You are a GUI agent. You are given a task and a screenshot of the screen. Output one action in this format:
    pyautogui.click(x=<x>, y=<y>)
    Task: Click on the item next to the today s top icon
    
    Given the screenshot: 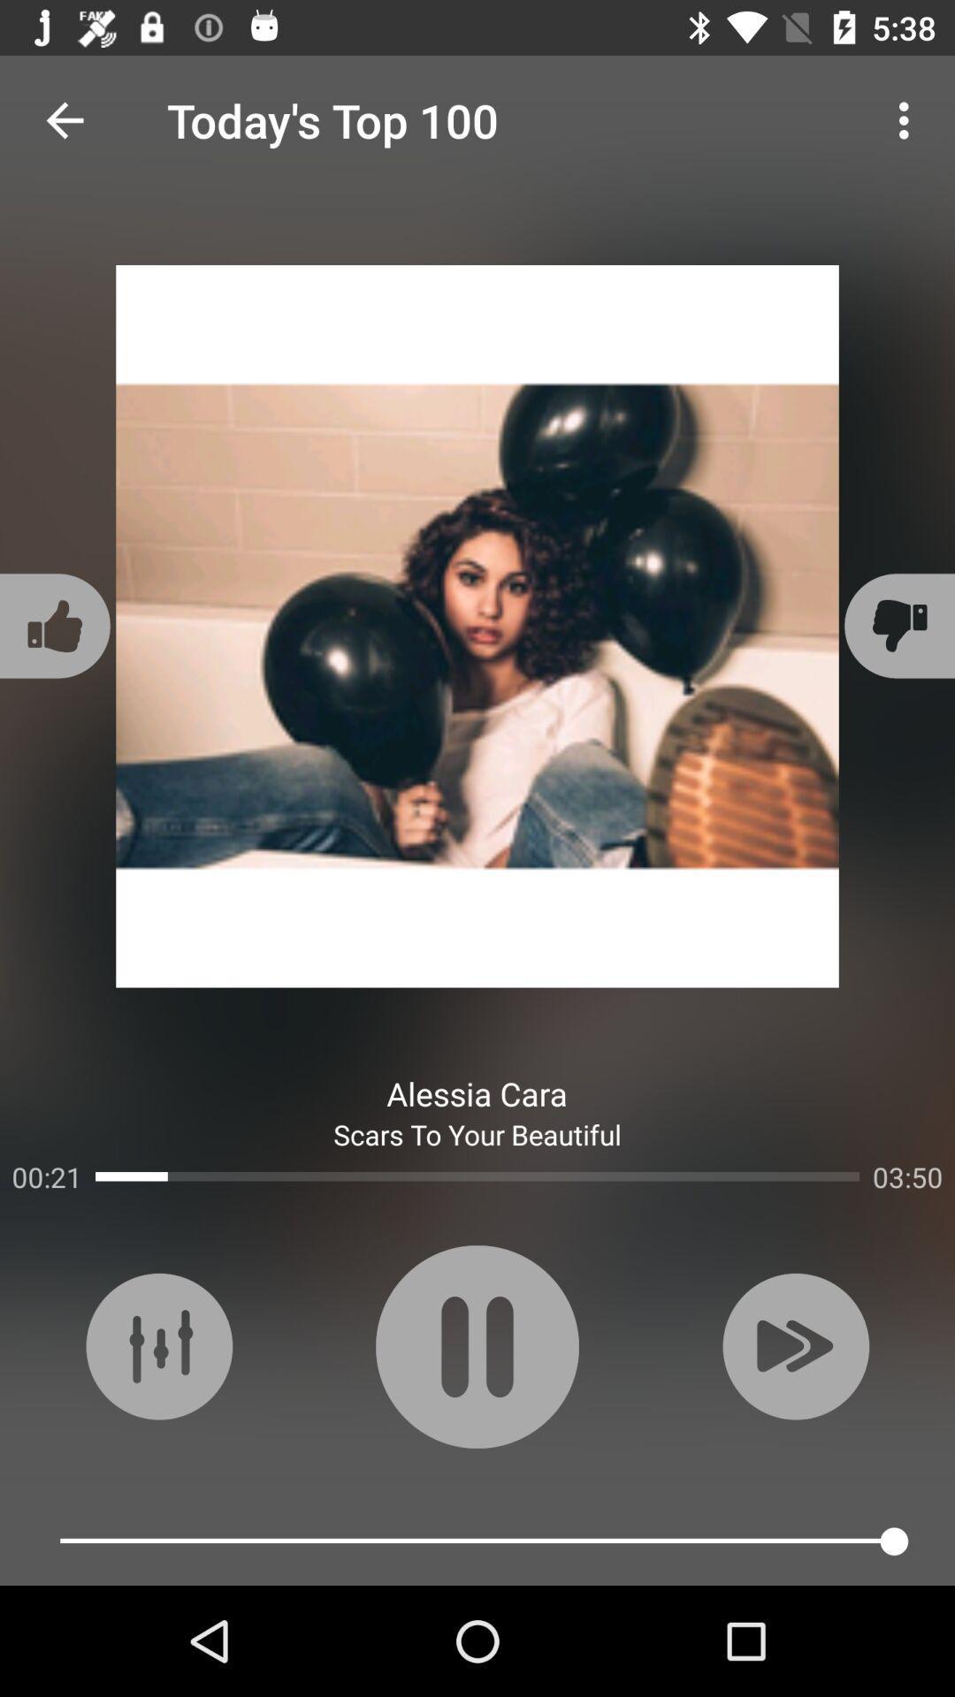 What is the action you would take?
    pyautogui.click(x=908, y=119)
    